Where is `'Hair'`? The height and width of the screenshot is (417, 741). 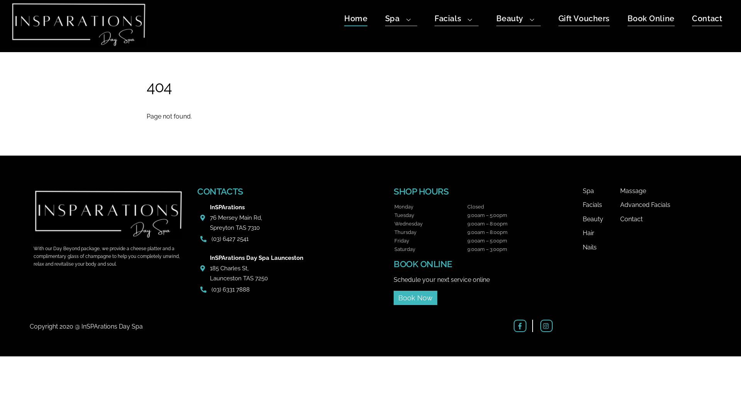 'Hair' is located at coordinates (601, 233).